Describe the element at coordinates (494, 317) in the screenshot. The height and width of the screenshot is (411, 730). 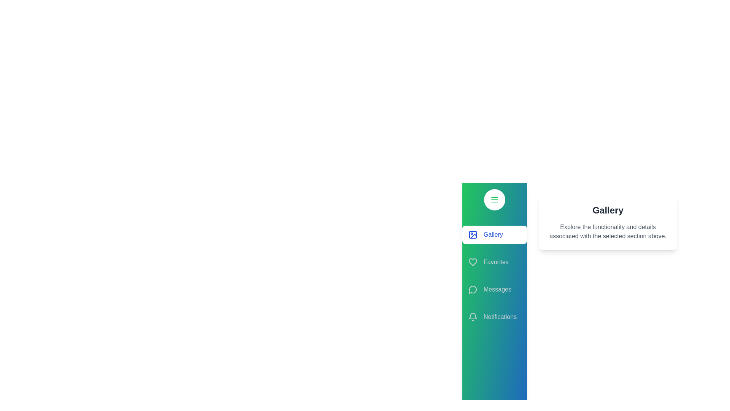
I see `the section Notifications in the EnhancedDrawer component` at that location.